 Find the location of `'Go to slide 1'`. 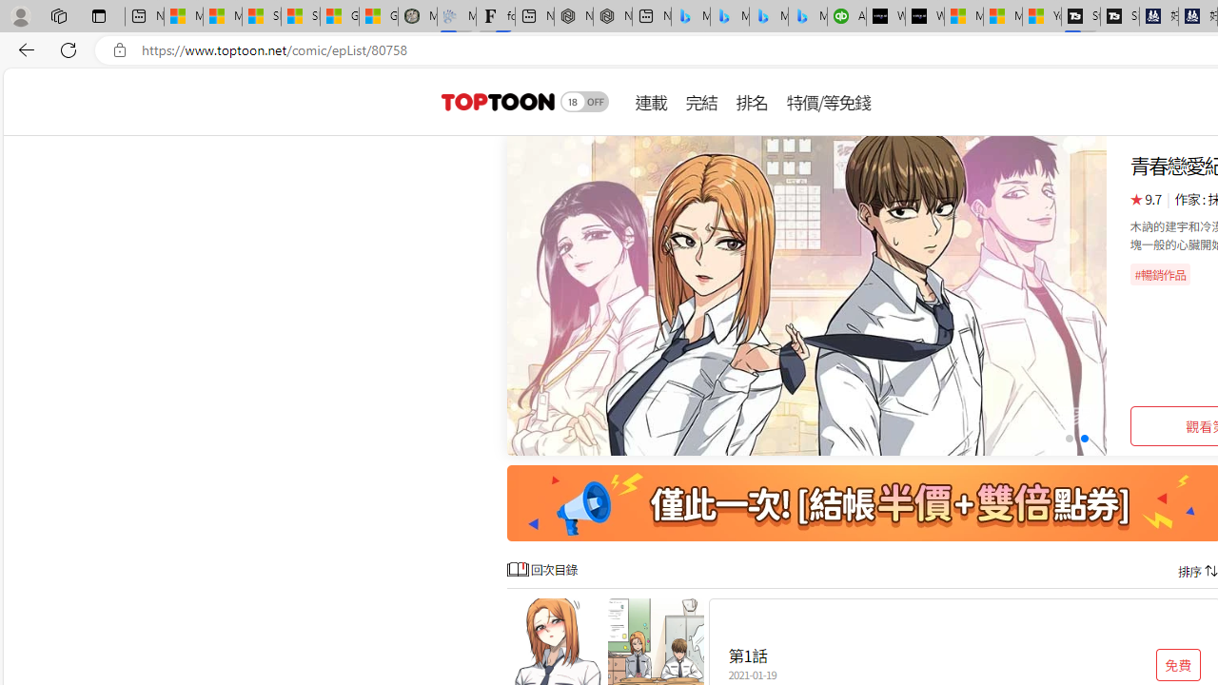

'Go to slide 1' is located at coordinates (1069, 439).